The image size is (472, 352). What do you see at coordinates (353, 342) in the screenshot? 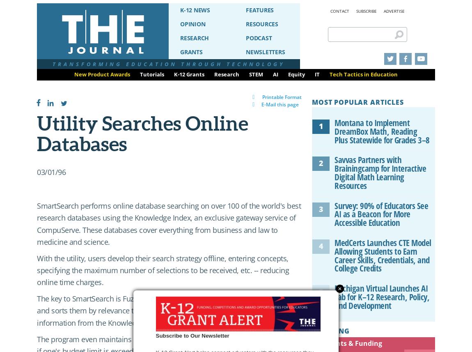
I see `'Grants & Funding'` at bounding box center [353, 342].